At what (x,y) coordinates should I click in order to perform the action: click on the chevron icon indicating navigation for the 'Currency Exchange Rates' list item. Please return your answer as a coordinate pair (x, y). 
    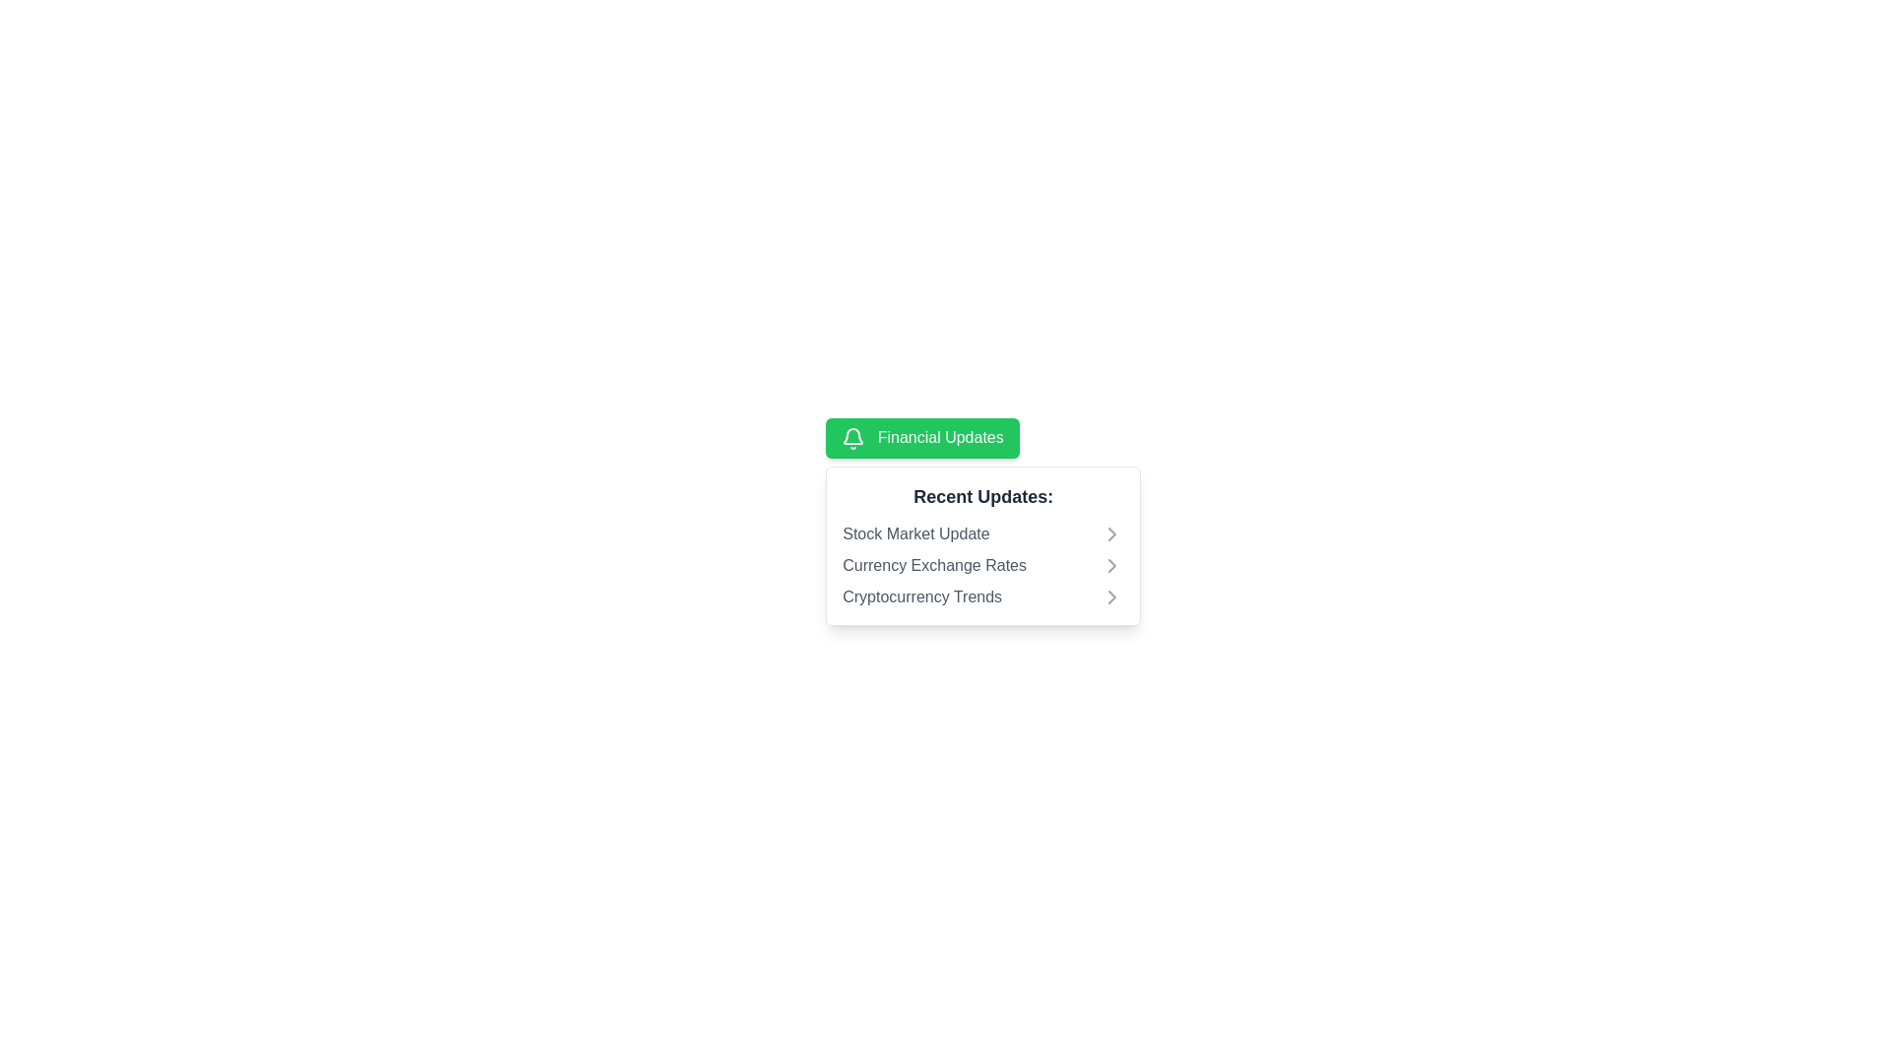
    Looking at the image, I should click on (1112, 565).